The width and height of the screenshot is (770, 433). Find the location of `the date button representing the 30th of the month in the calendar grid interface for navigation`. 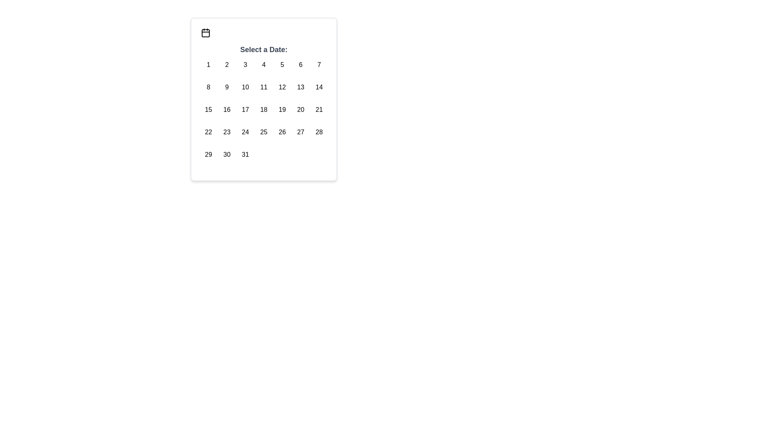

the date button representing the 30th of the month in the calendar grid interface for navigation is located at coordinates (227, 154).